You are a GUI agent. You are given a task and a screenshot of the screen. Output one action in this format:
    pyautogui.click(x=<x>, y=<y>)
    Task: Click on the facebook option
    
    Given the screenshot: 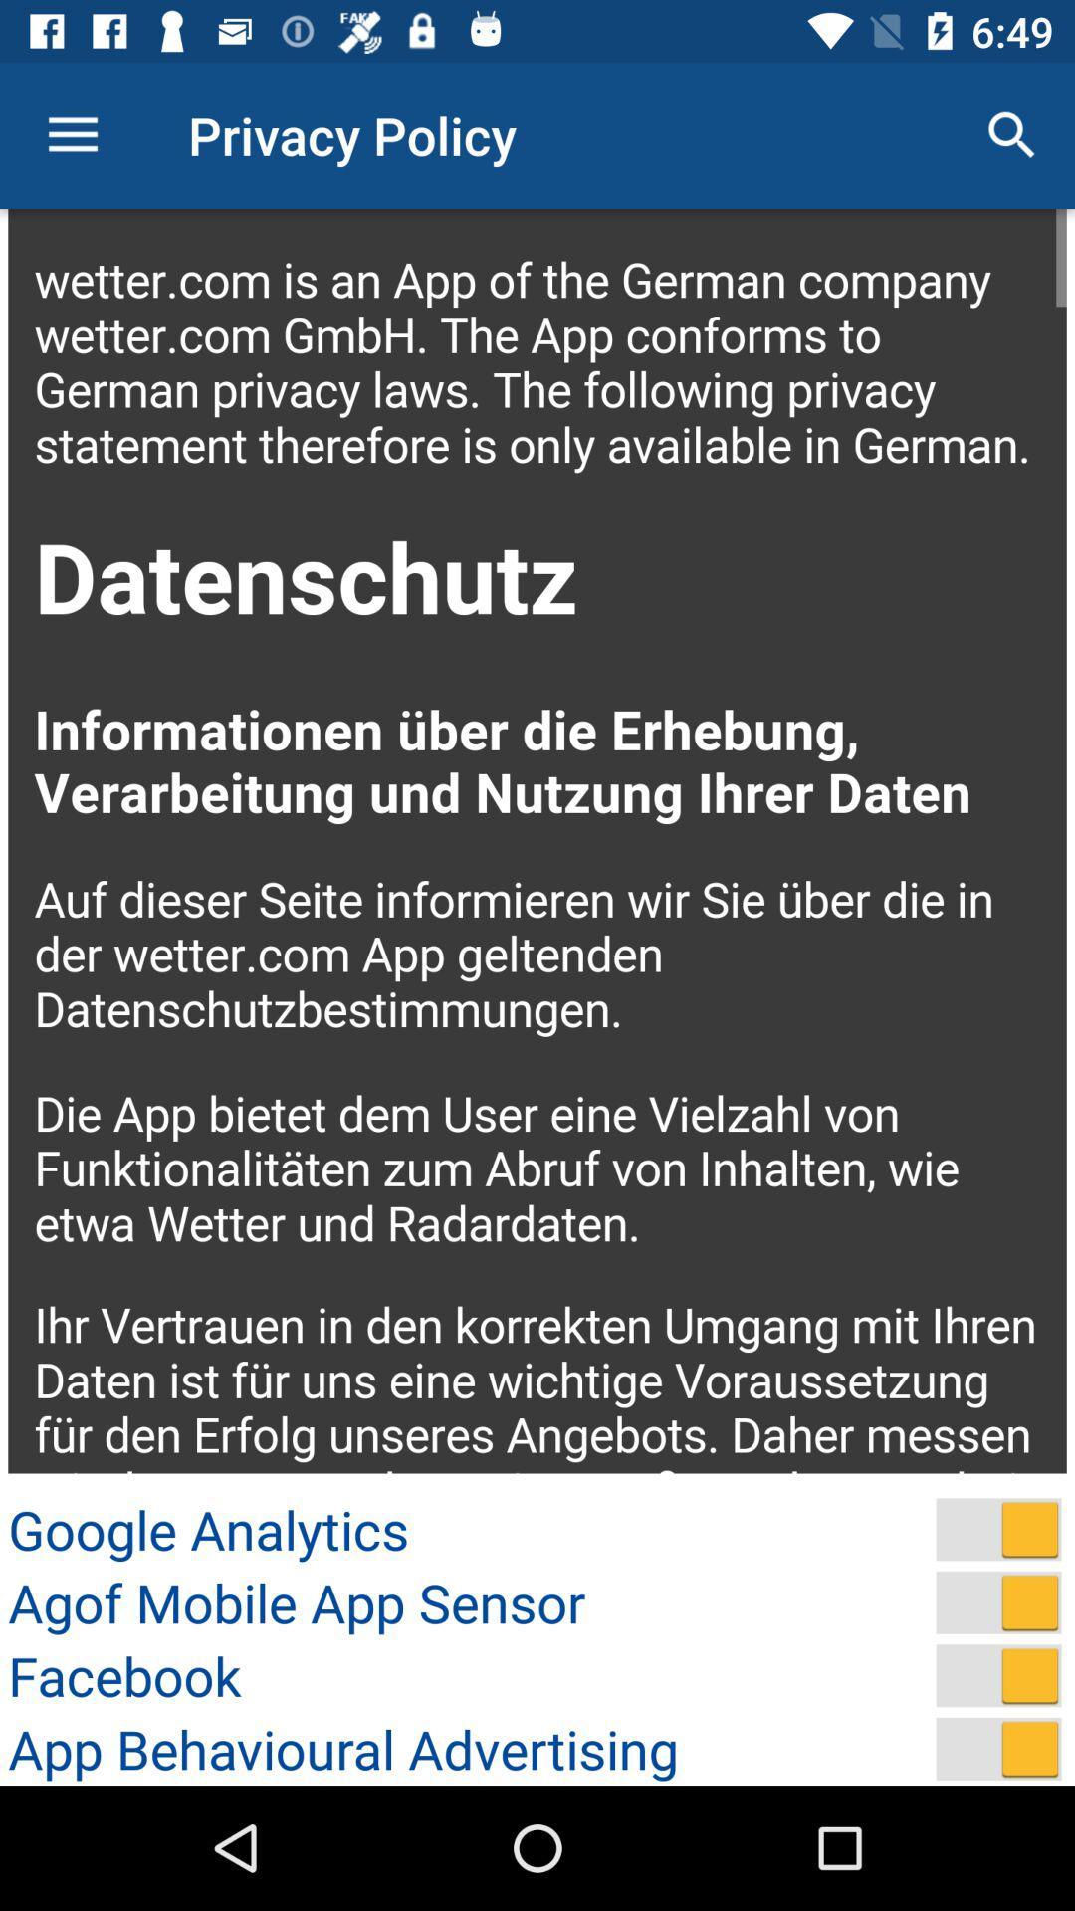 What is the action you would take?
    pyautogui.click(x=998, y=1674)
    